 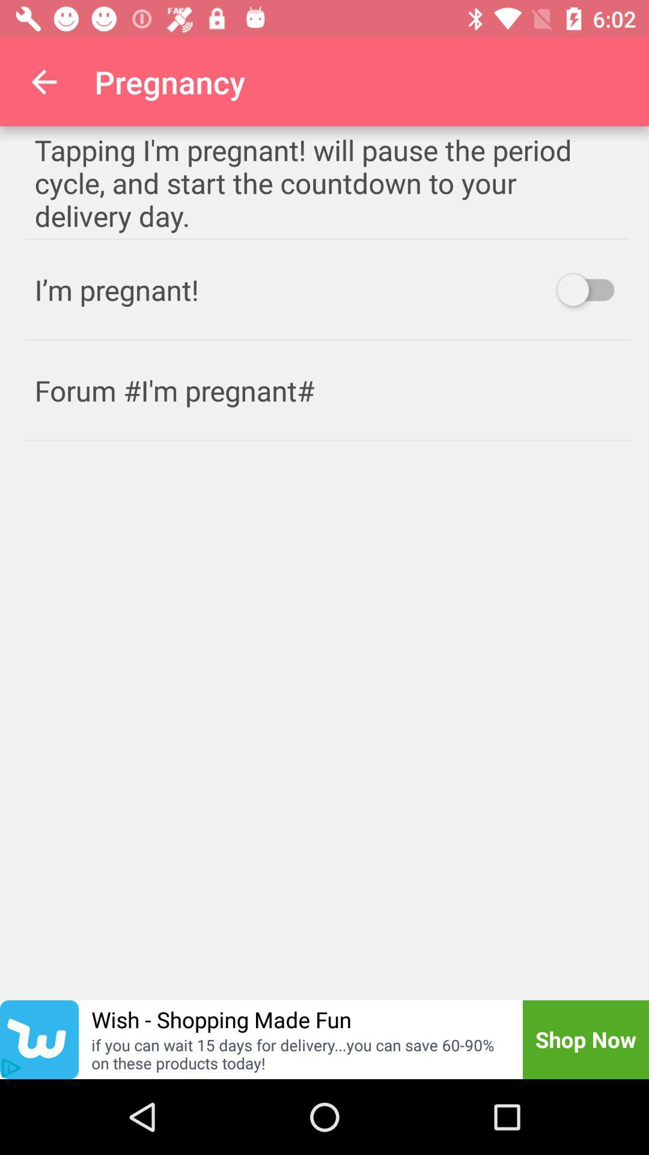 What do you see at coordinates (38, 1039) in the screenshot?
I see `the twitter icon` at bounding box center [38, 1039].